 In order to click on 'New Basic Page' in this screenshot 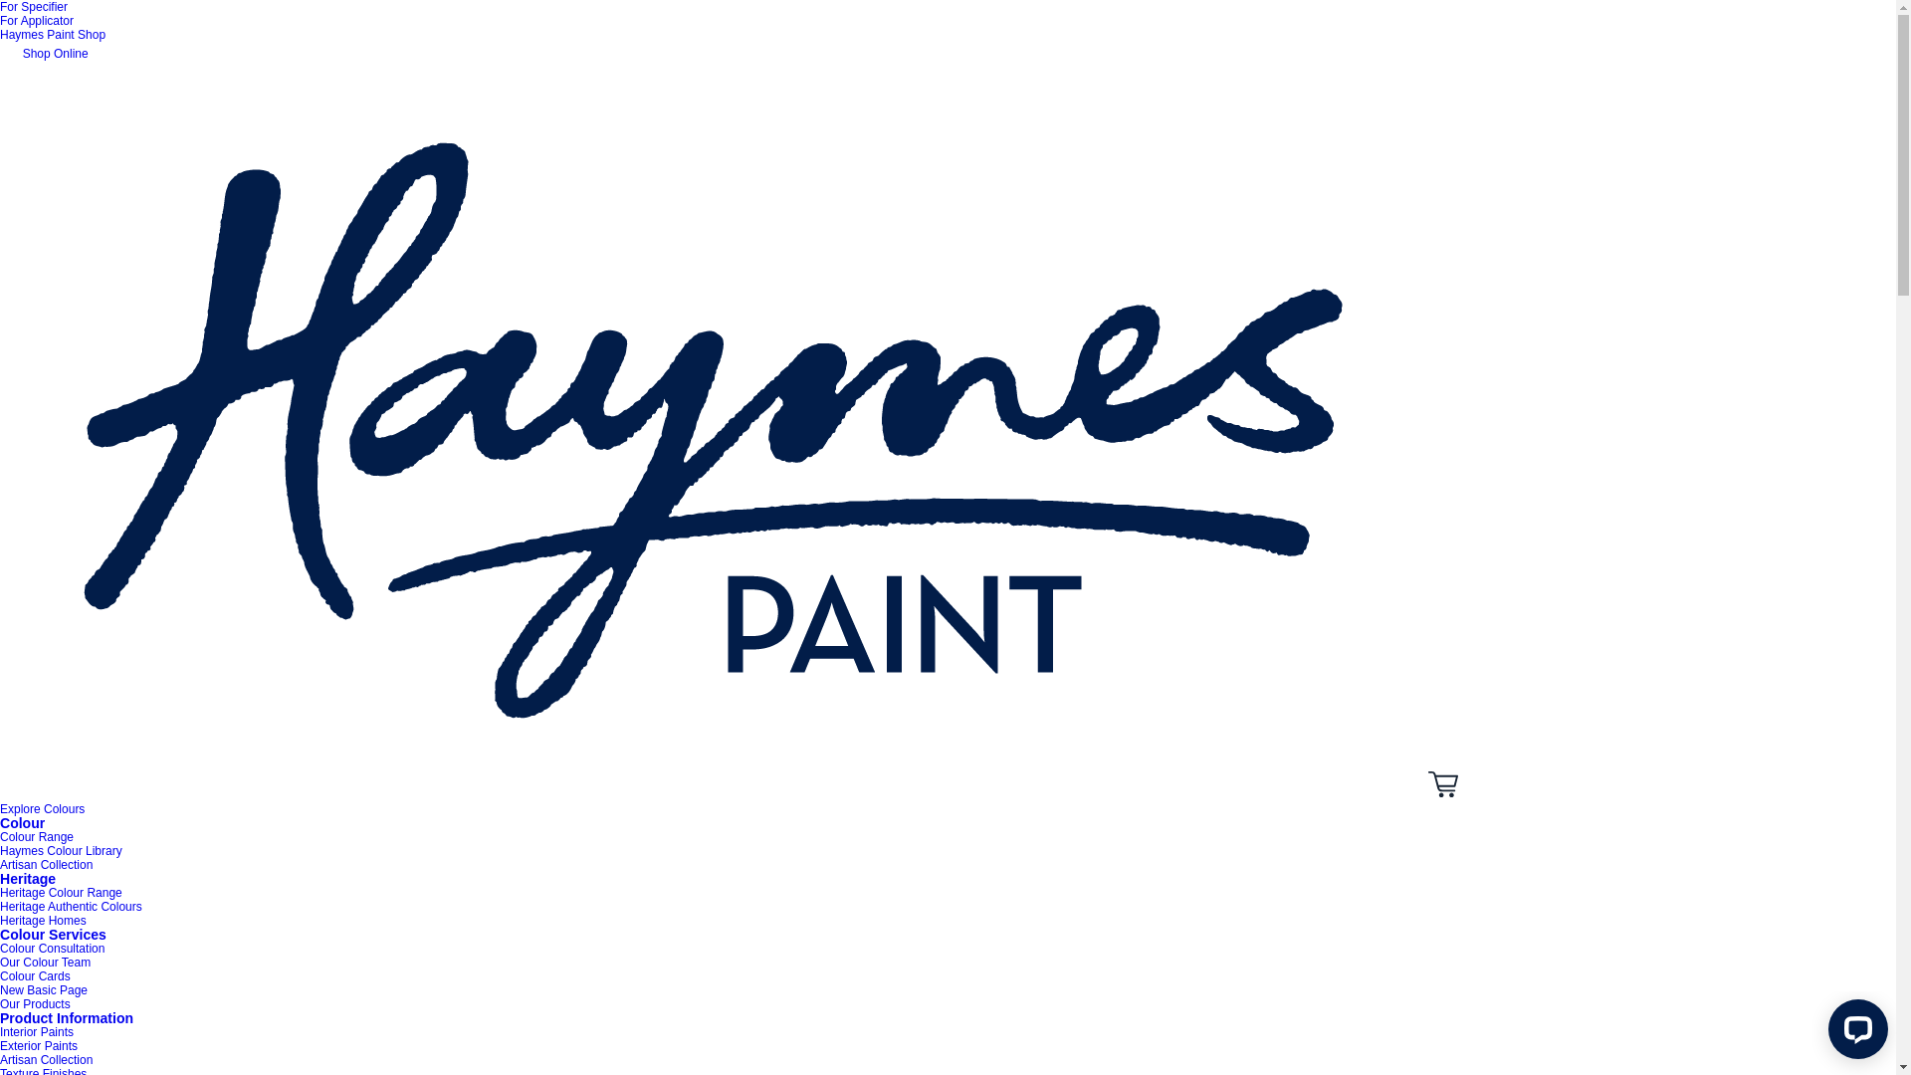, I will do `click(43, 990)`.